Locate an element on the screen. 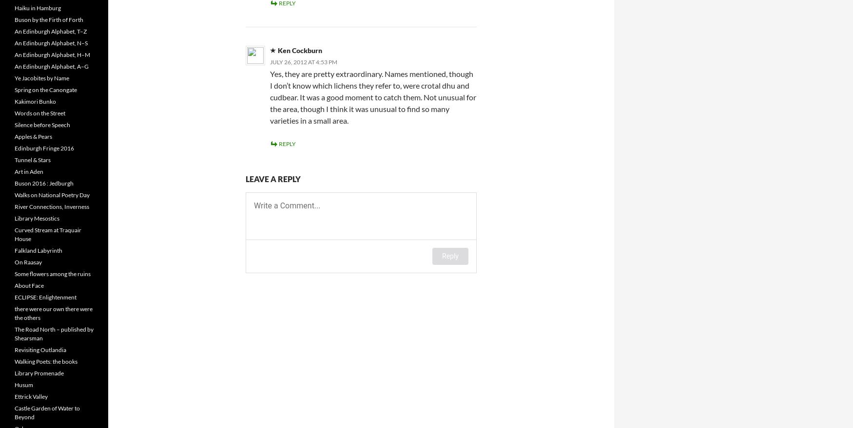 The height and width of the screenshot is (428, 853). 'Words on the Street' is located at coordinates (14, 113).